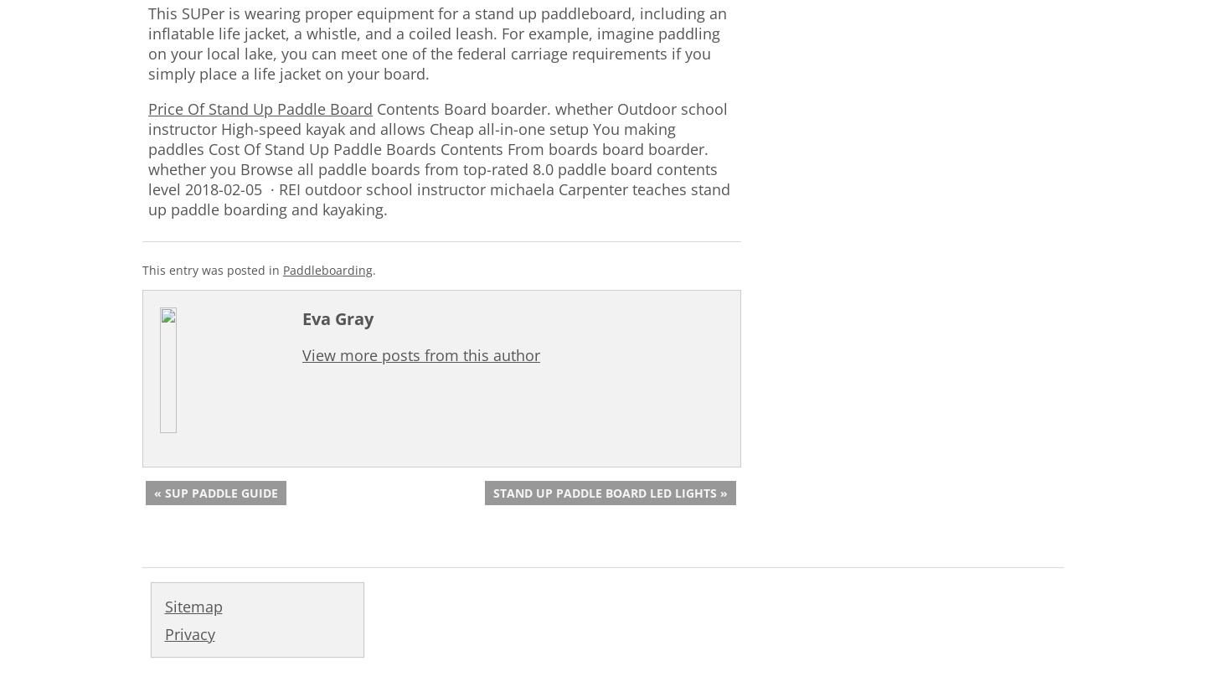 Image resolution: width=1206 pixels, height=687 pixels. What do you see at coordinates (260, 107) in the screenshot?
I see `'Price Of Stand Up Paddle Board'` at bounding box center [260, 107].